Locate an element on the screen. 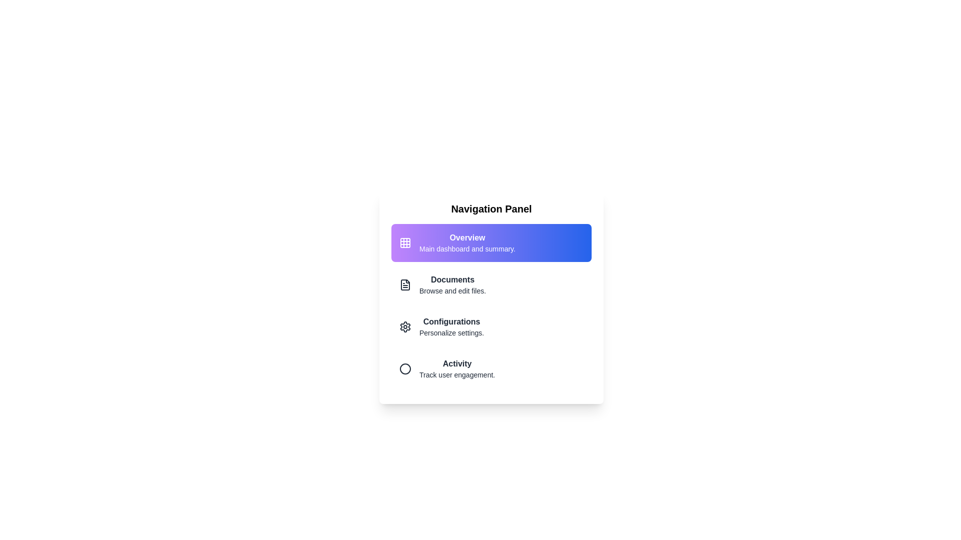  the menu section corresponding to Documents is located at coordinates (492, 285).